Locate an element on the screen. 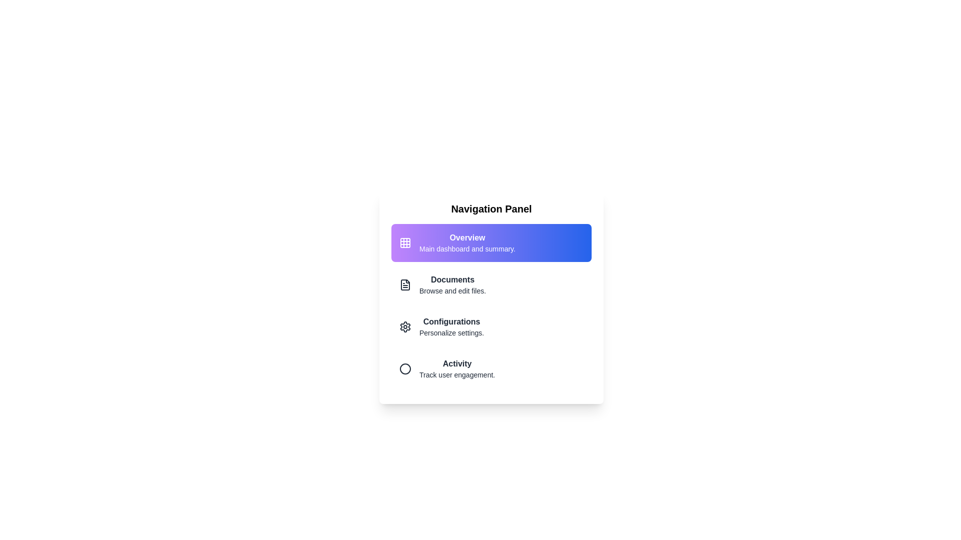  the menu section corresponding to Documents is located at coordinates (492, 285).